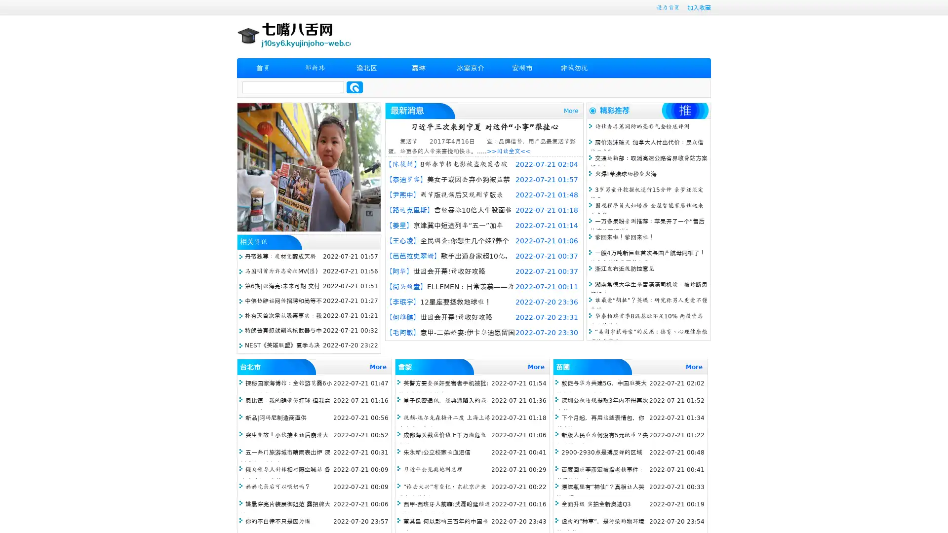 This screenshot has width=948, height=533. I want to click on Search, so click(355, 87).